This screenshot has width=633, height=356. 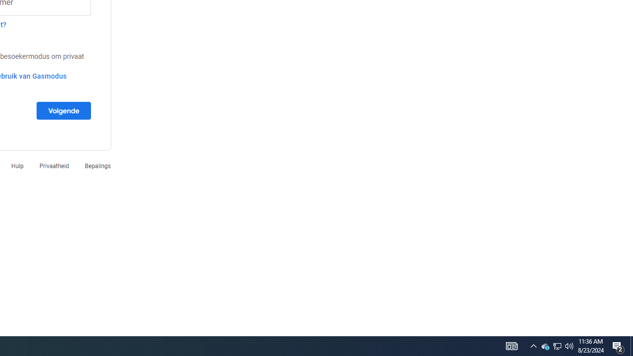 What do you see at coordinates (631, 345) in the screenshot?
I see `'Show desktop'` at bounding box center [631, 345].